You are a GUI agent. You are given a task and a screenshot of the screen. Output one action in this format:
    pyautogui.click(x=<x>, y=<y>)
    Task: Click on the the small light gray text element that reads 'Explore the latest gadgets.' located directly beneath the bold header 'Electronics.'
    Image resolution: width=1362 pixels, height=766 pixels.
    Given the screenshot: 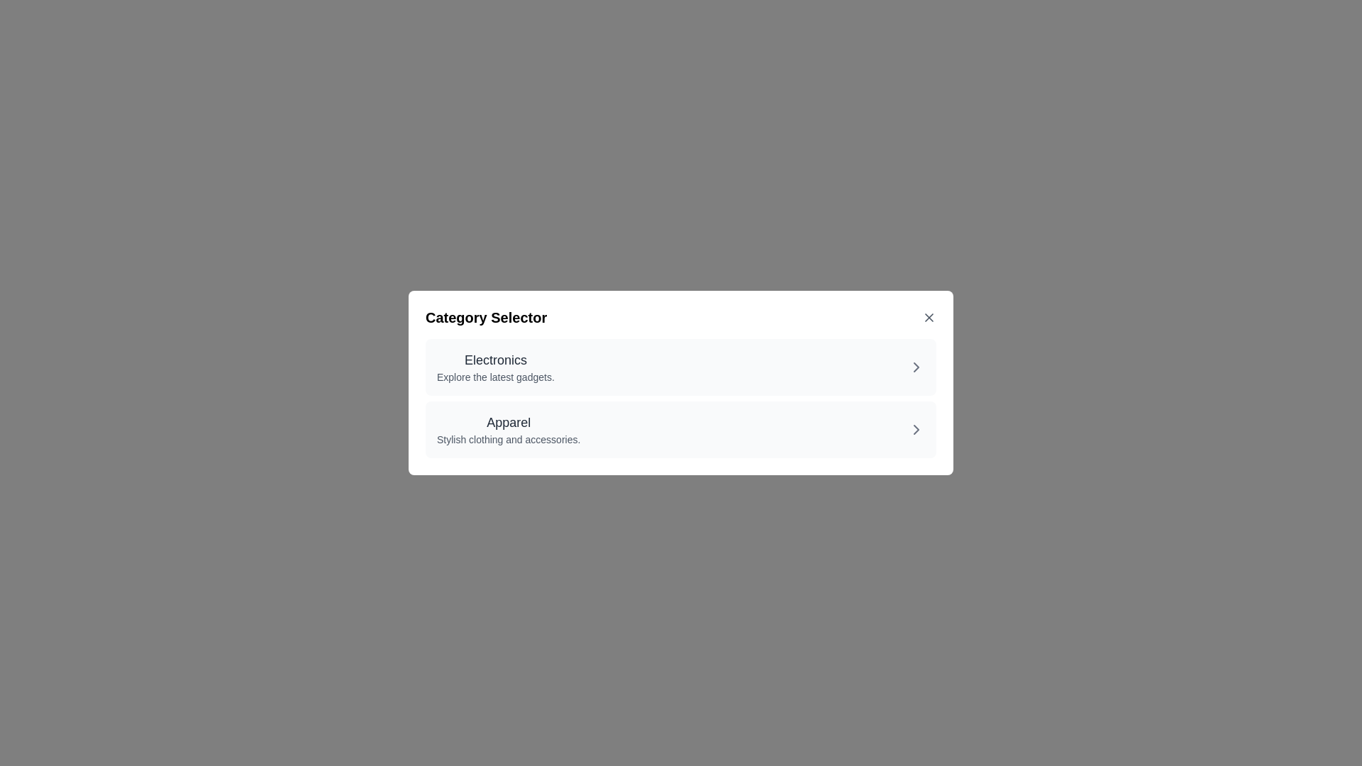 What is the action you would take?
    pyautogui.click(x=495, y=377)
    